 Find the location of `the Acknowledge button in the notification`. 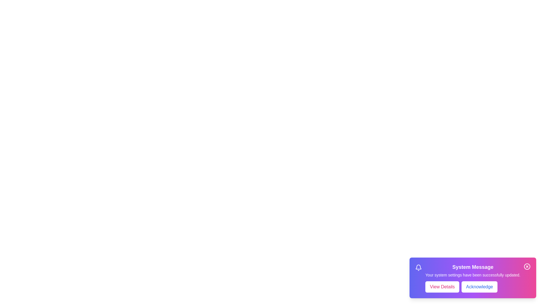

the Acknowledge button in the notification is located at coordinates (479, 287).